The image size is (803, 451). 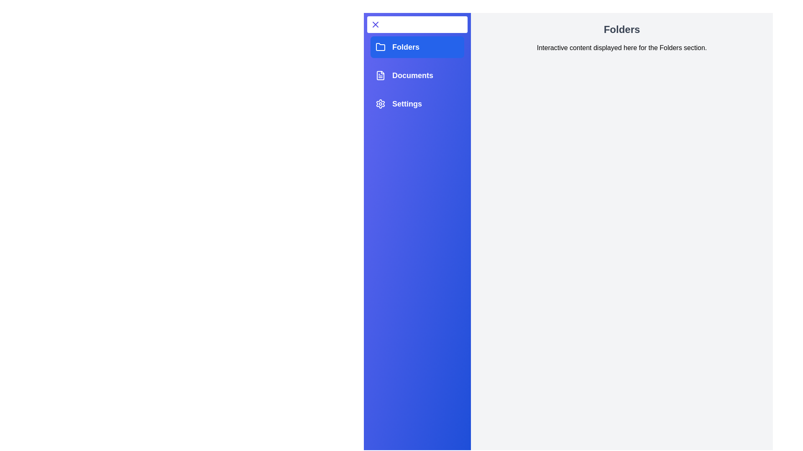 What do you see at coordinates (417, 47) in the screenshot?
I see `the Folders tab to observe its hover effect` at bounding box center [417, 47].